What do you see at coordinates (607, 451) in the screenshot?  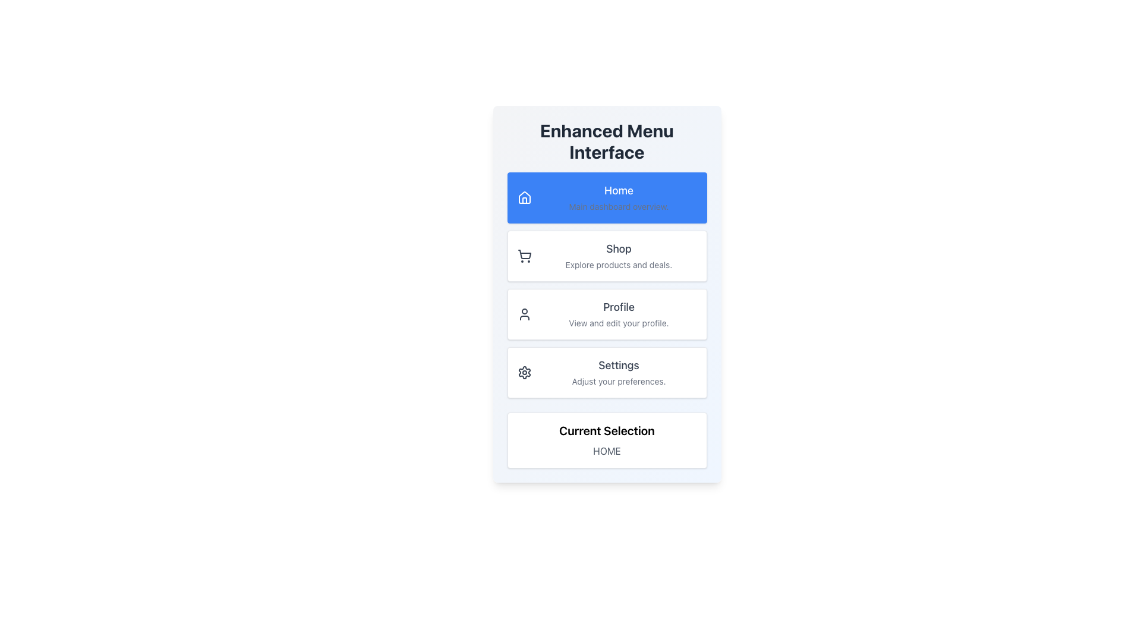 I see `text content of the element displaying the currently selected menu item, located just below the text titled 'Current Selection'` at bounding box center [607, 451].